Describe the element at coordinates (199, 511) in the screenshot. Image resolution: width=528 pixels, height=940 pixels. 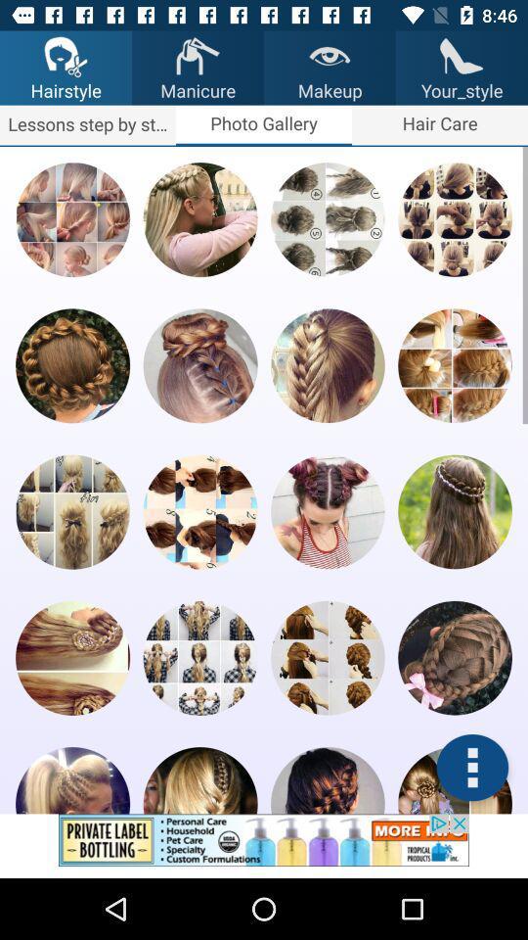
I see `image` at that location.